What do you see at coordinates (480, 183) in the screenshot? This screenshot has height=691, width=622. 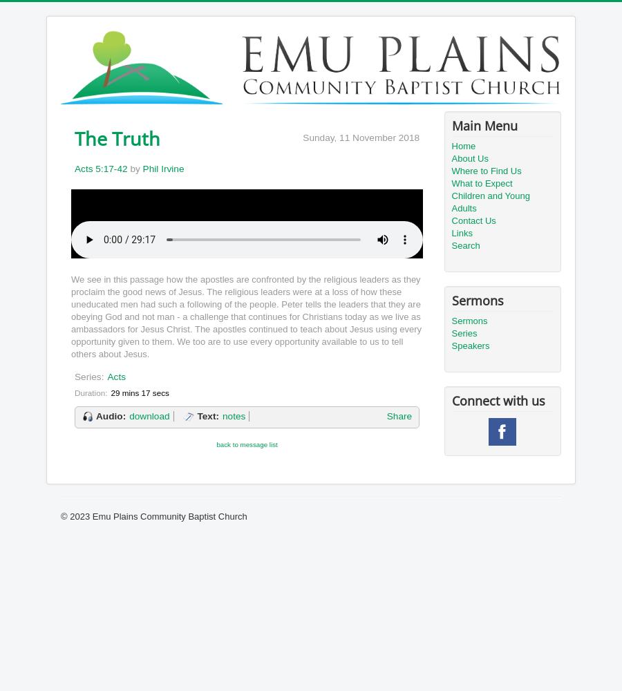 I see `'What to Expect'` at bounding box center [480, 183].